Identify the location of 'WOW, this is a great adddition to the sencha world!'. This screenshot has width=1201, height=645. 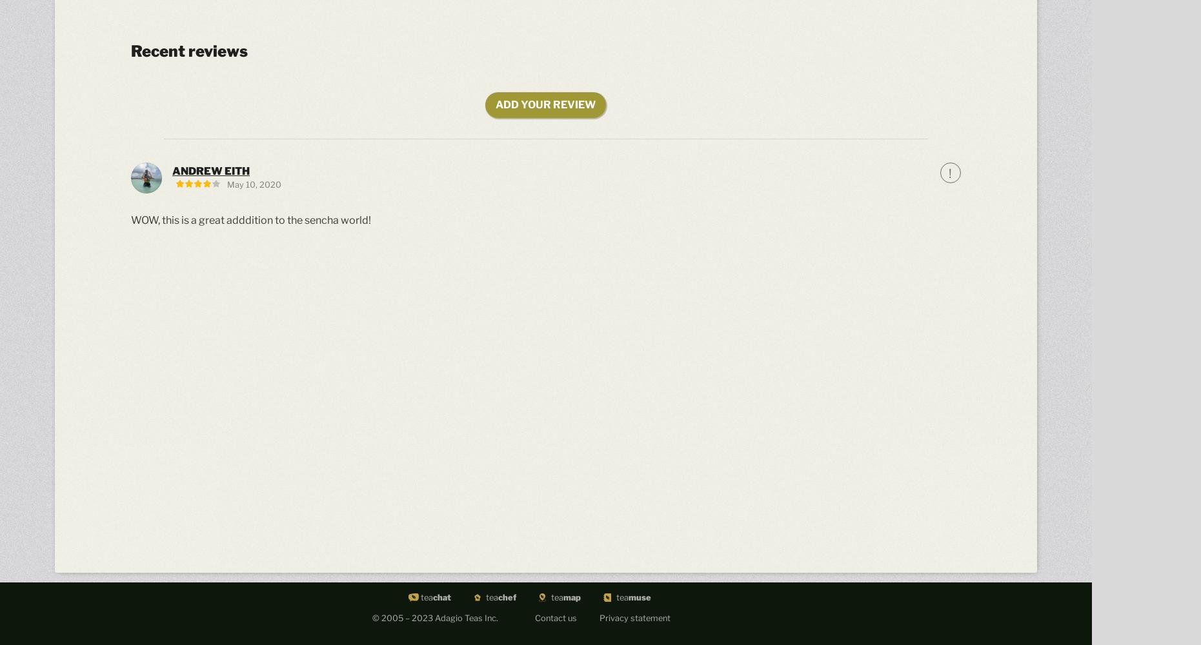
(250, 219).